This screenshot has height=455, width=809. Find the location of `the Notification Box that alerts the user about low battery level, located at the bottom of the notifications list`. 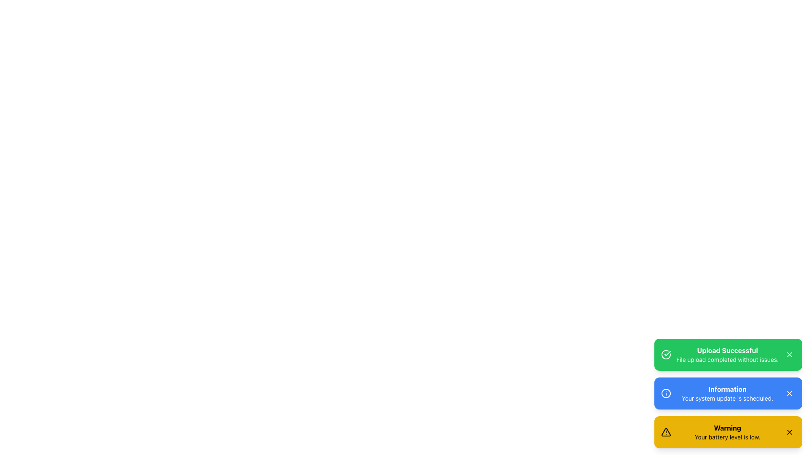

the Notification Box that alerts the user about low battery level, located at the bottom of the notifications list is located at coordinates (727, 432).